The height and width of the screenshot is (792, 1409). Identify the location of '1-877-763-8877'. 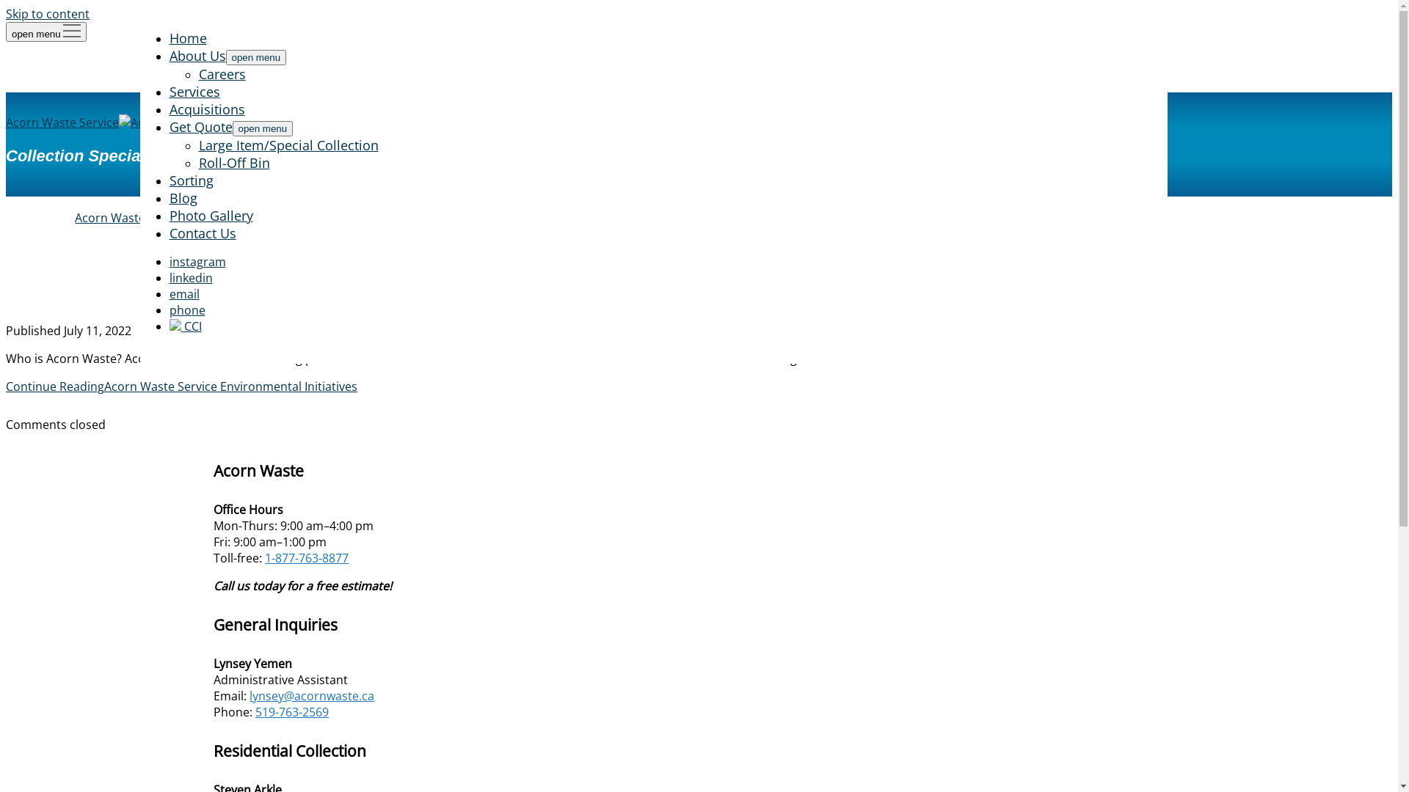
(264, 557).